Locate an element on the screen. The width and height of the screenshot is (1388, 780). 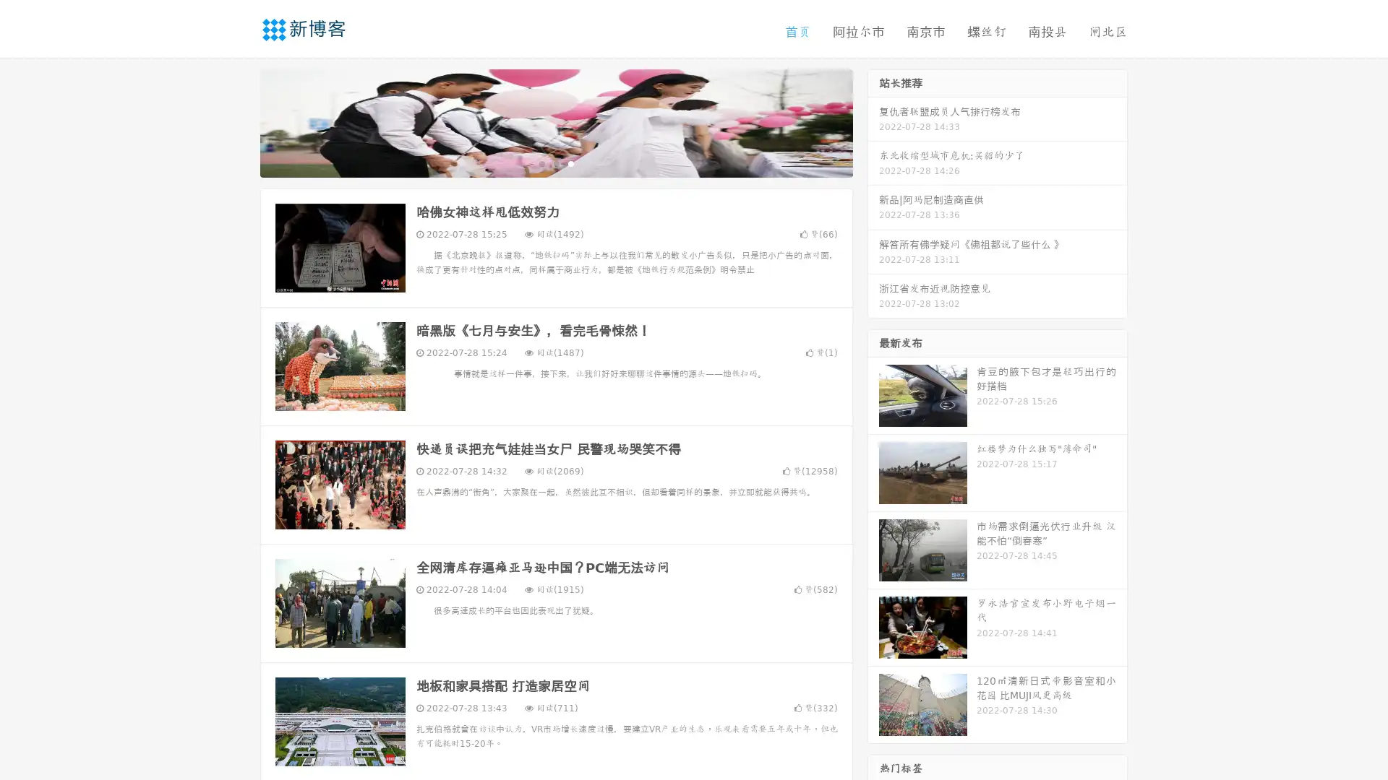
Previous slide is located at coordinates (239, 121).